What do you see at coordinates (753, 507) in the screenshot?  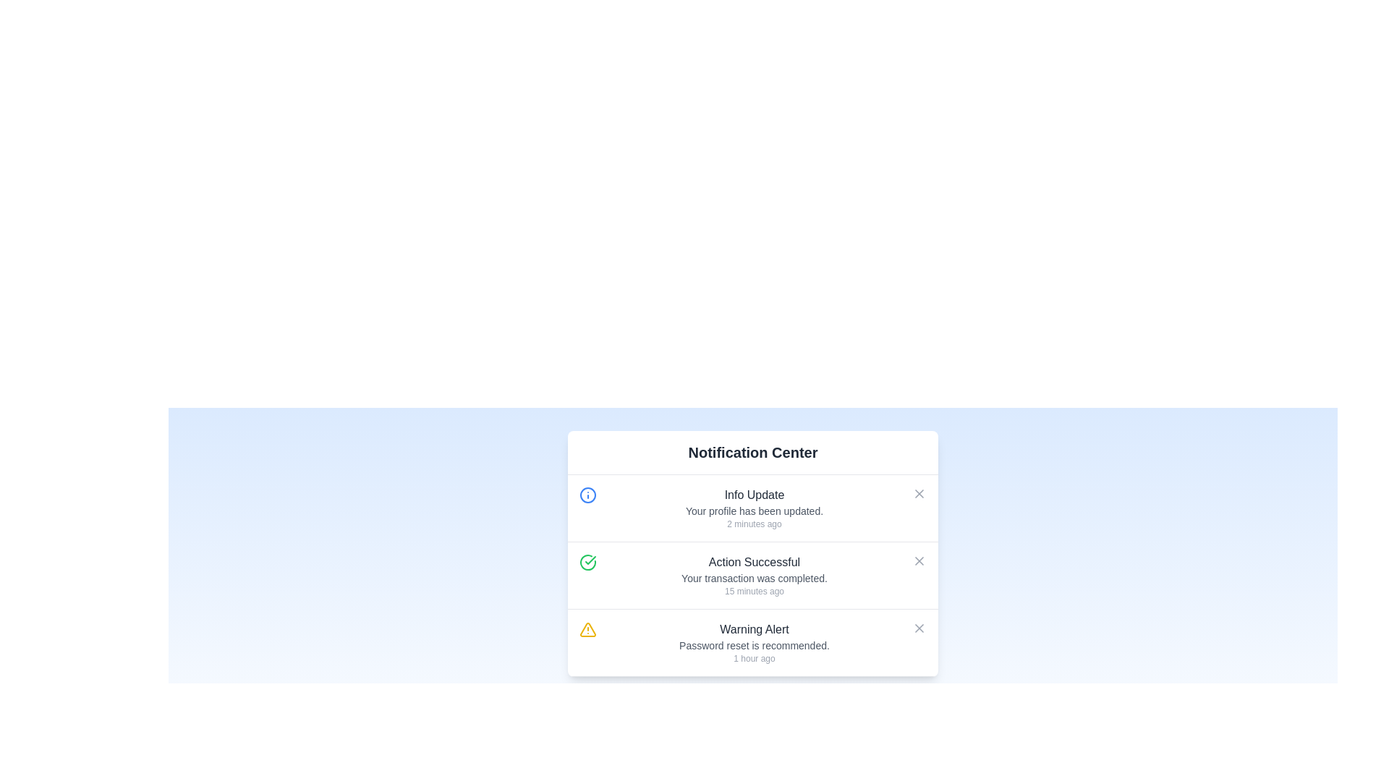 I see `the first notification text block in the Notification Center that informs the user about an update to their profile` at bounding box center [753, 507].